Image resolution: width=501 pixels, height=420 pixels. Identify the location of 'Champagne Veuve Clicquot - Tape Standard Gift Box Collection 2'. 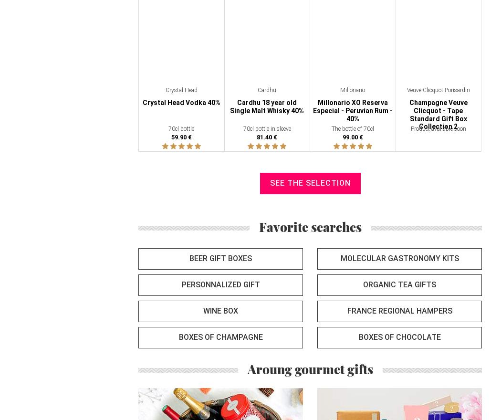
(438, 114).